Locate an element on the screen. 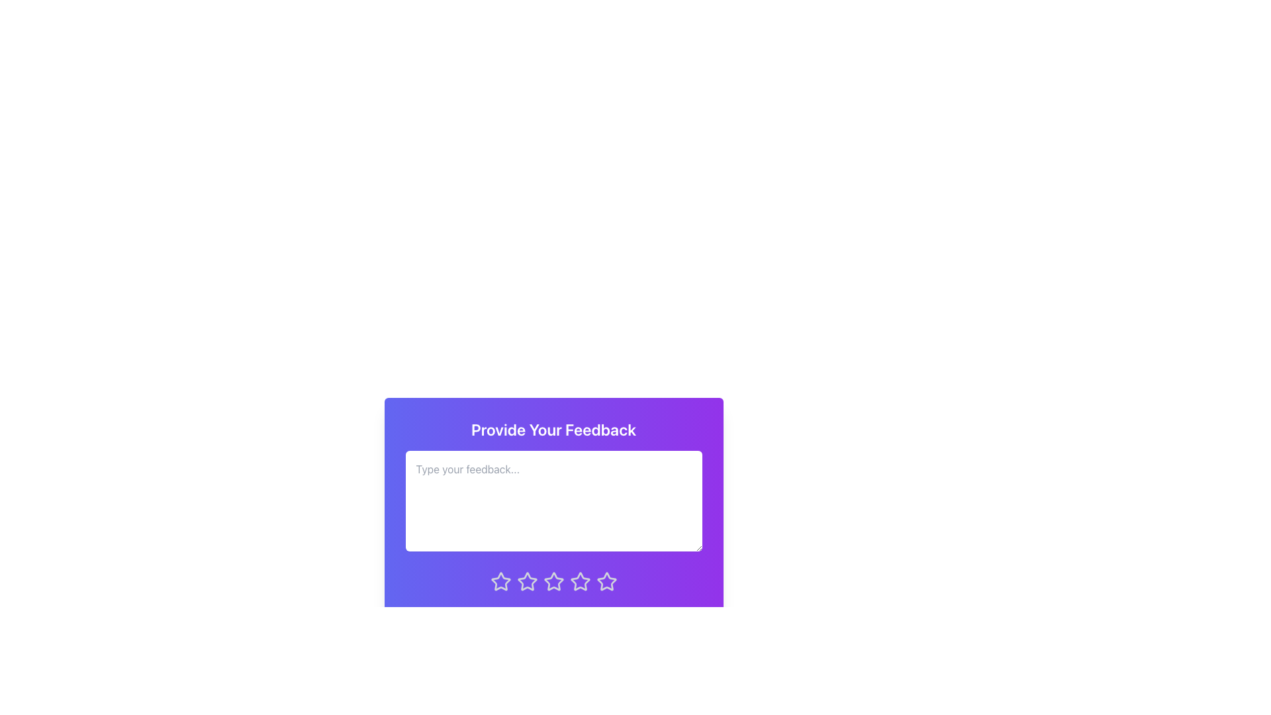  the first star icon in the rating system is located at coordinates (500, 581).